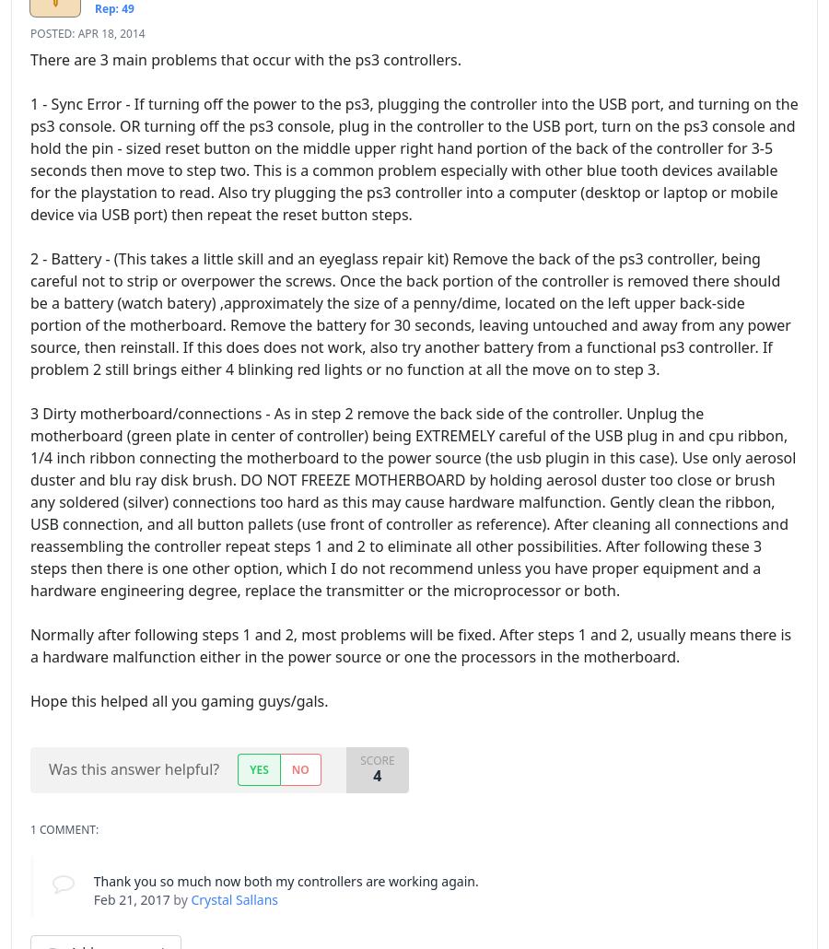 This screenshot has width=829, height=949. What do you see at coordinates (359, 758) in the screenshot?
I see `'Score'` at bounding box center [359, 758].